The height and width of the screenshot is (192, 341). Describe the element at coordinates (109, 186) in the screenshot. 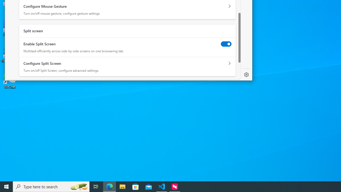

I see `'Microsoft Edge - 1 running window'` at that location.